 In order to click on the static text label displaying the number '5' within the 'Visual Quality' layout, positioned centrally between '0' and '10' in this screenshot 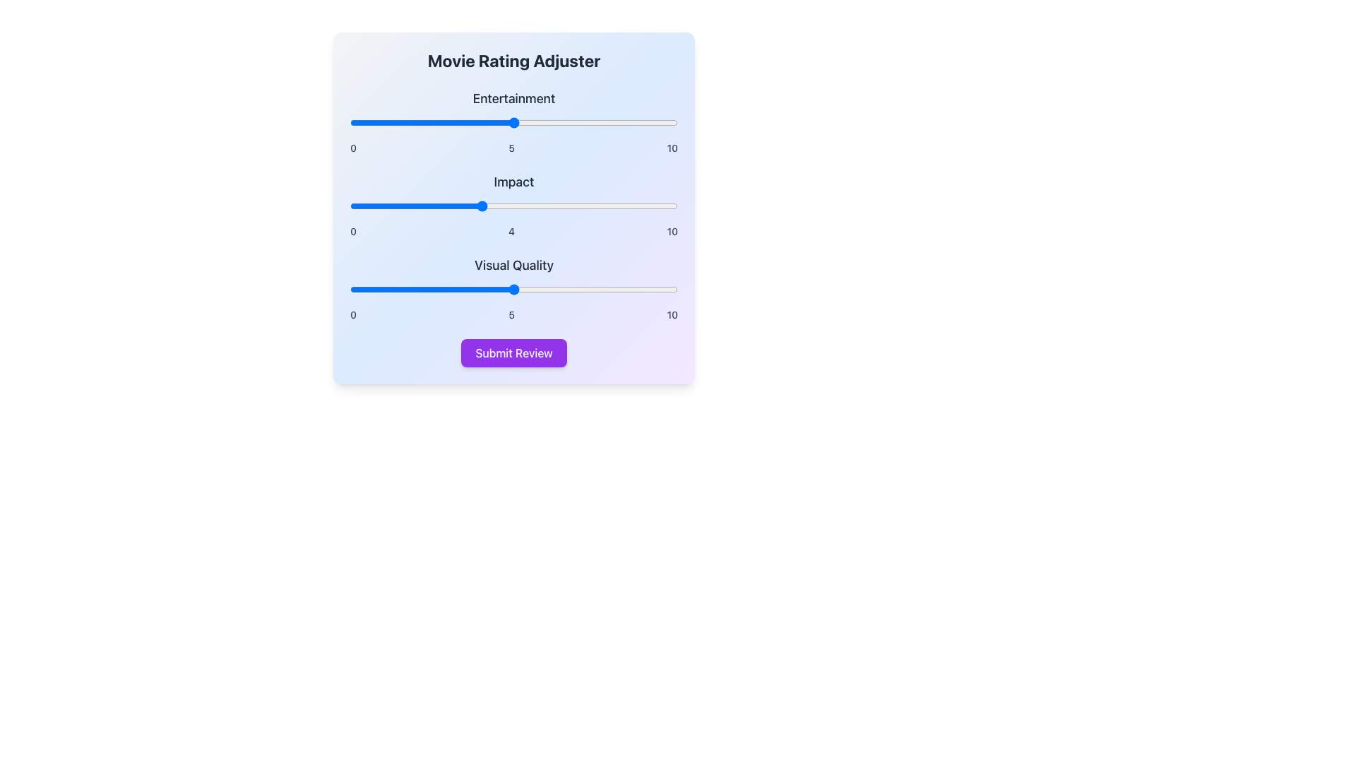, I will do `click(511, 314)`.